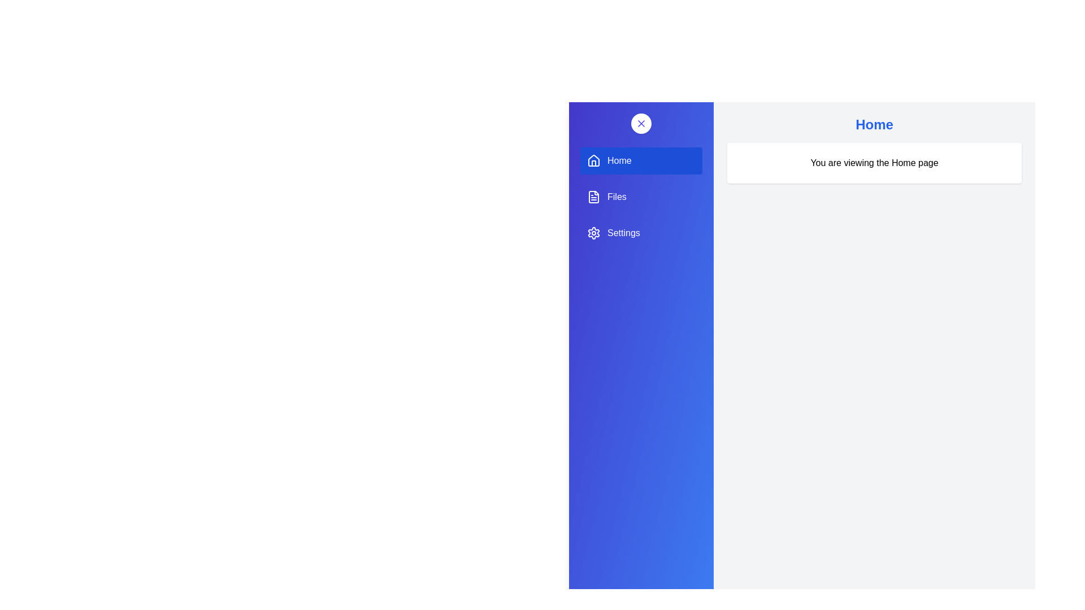 The height and width of the screenshot is (610, 1085). What do you see at coordinates (641, 232) in the screenshot?
I see `the menu item Settings from the navigation drawer` at bounding box center [641, 232].